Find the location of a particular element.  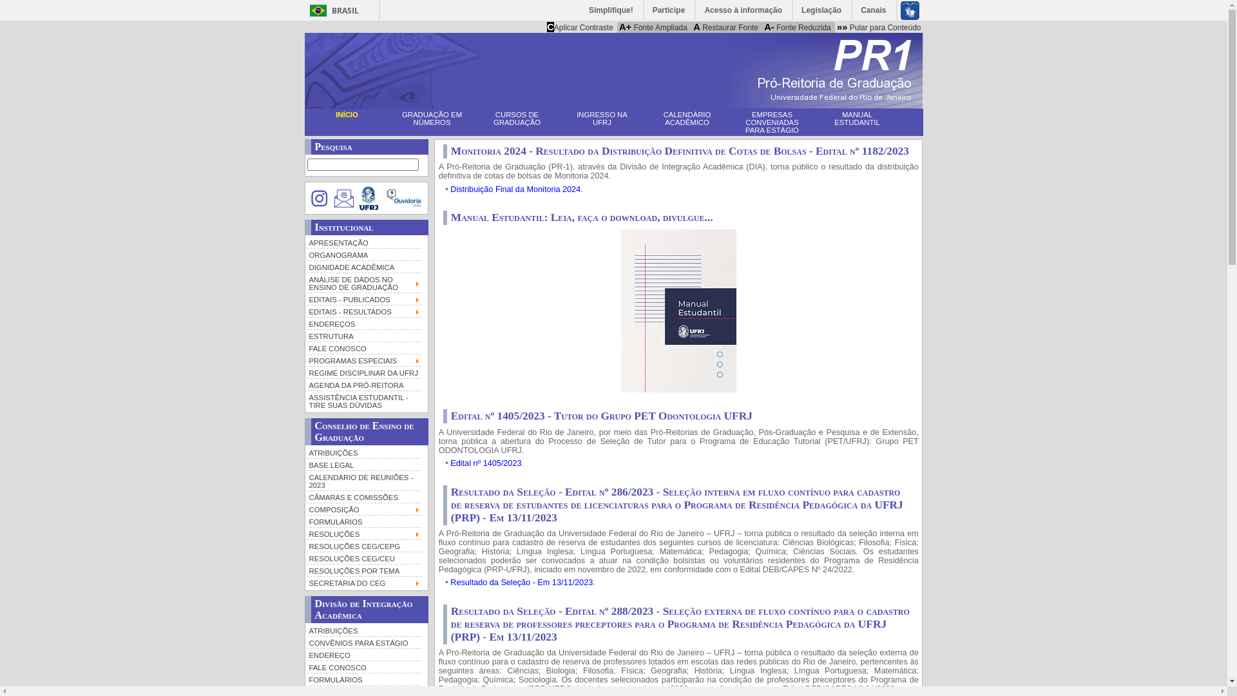

'ORGANOGRAMA' is located at coordinates (305, 254).